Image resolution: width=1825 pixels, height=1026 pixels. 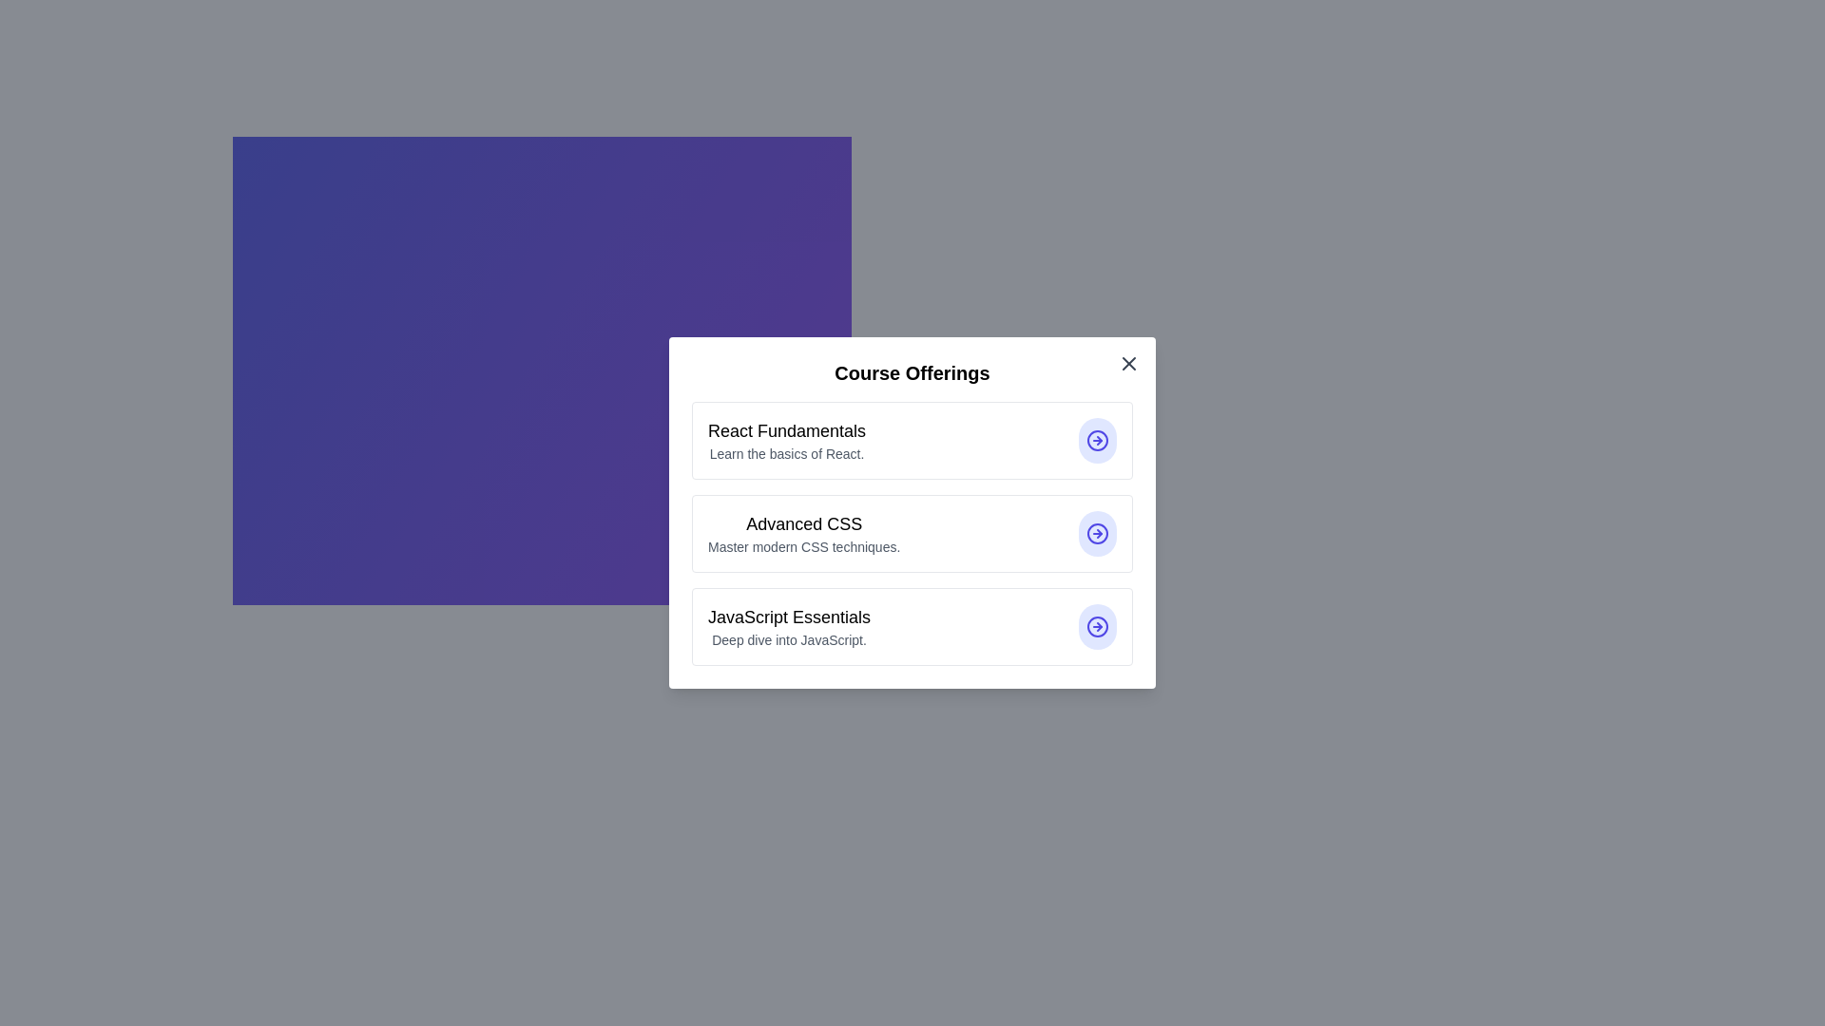 What do you see at coordinates (787, 454) in the screenshot?
I see `the text label providing additional information about the 'React Fundamentals' course, located beneath the course title within the first course offering card` at bounding box center [787, 454].